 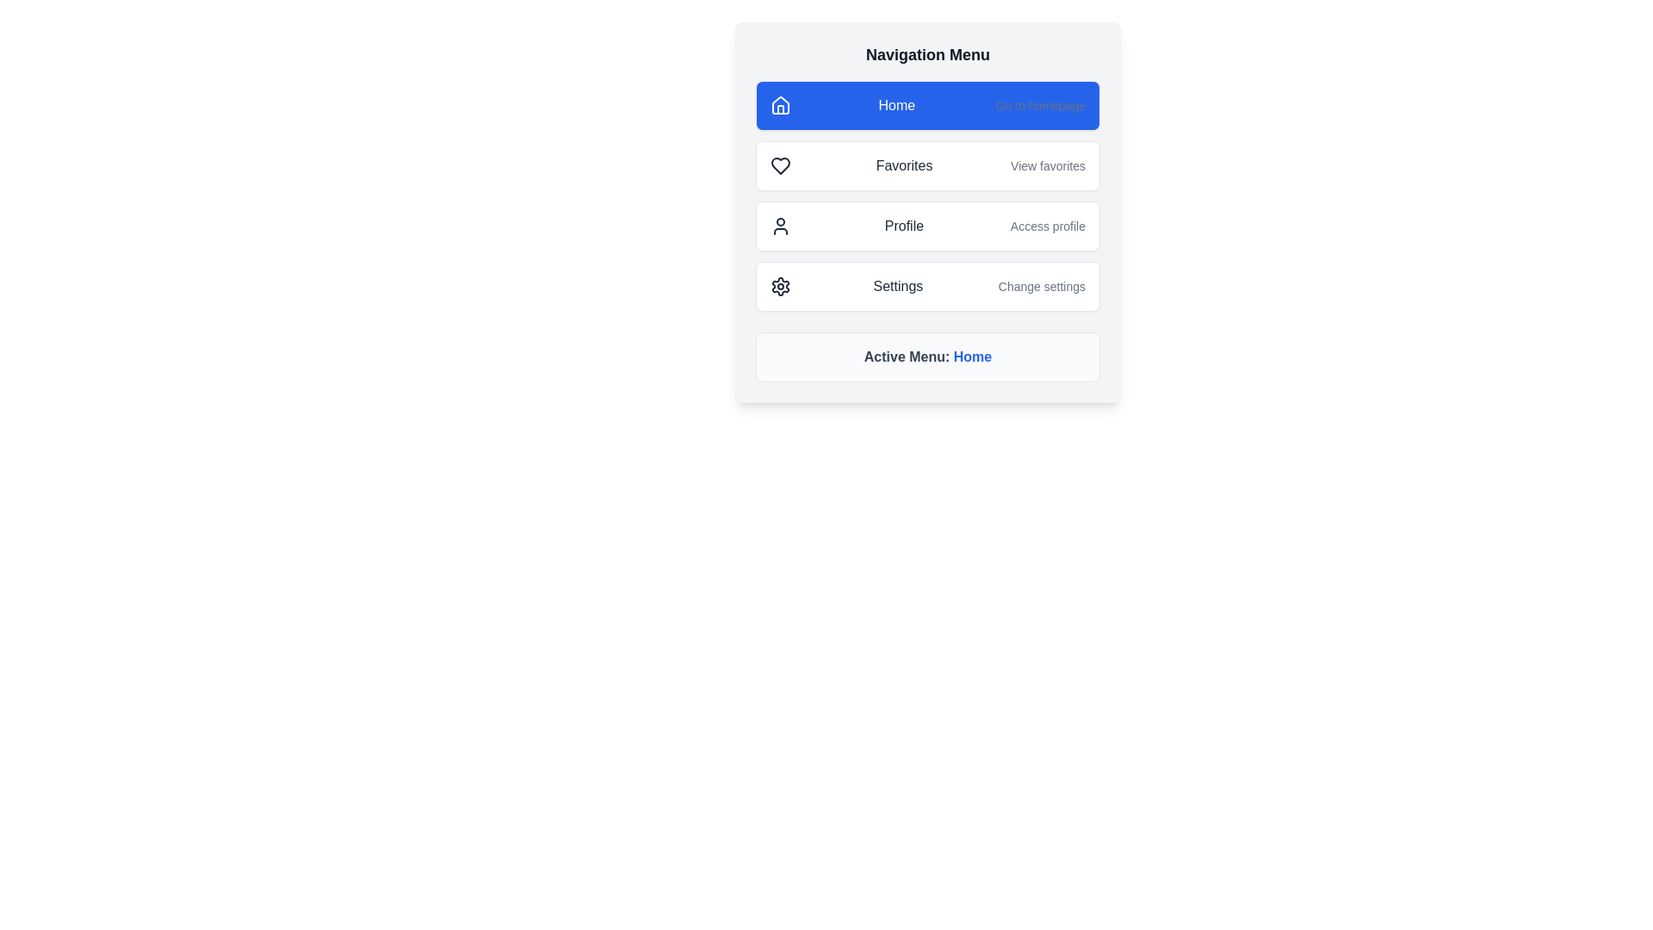 I want to click on the navigation button at the top of the vertical menu to redirect to the homepage, so click(x=927, y=106).